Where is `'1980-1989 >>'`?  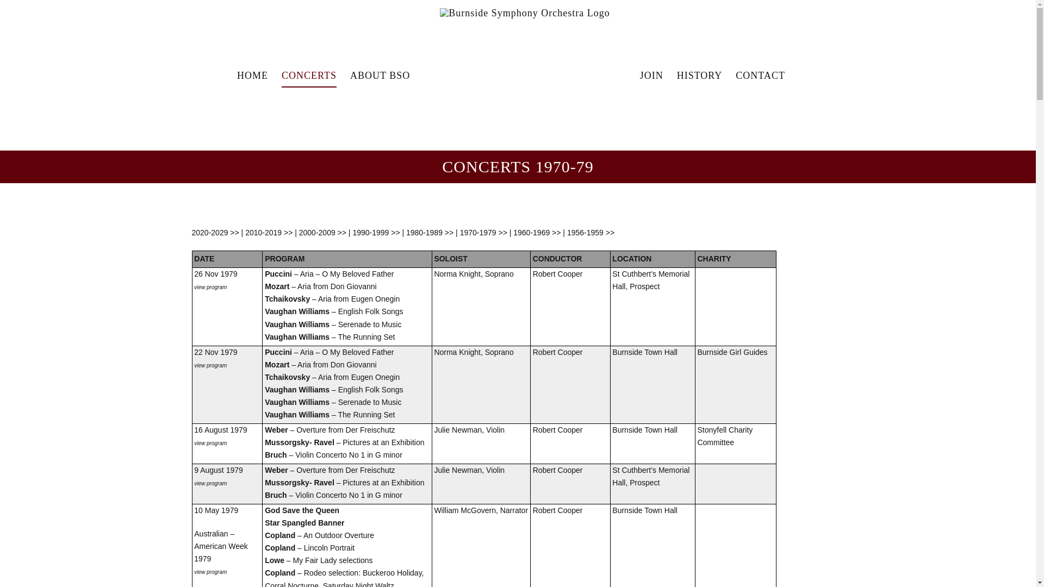 '1980-1989 >>' is located at coordinates (429, 232).